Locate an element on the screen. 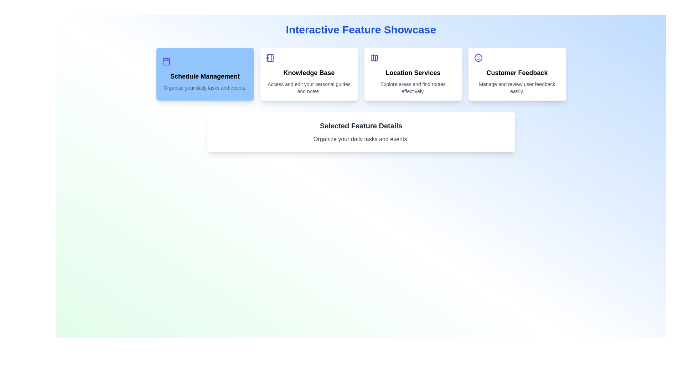 The width and height of the screenshot is (684, 384). the text header reading 'Interactive Feature Showcase', which is styled in large, bold blue font and centered at the top of the interface is located at coordinates (361, 30).